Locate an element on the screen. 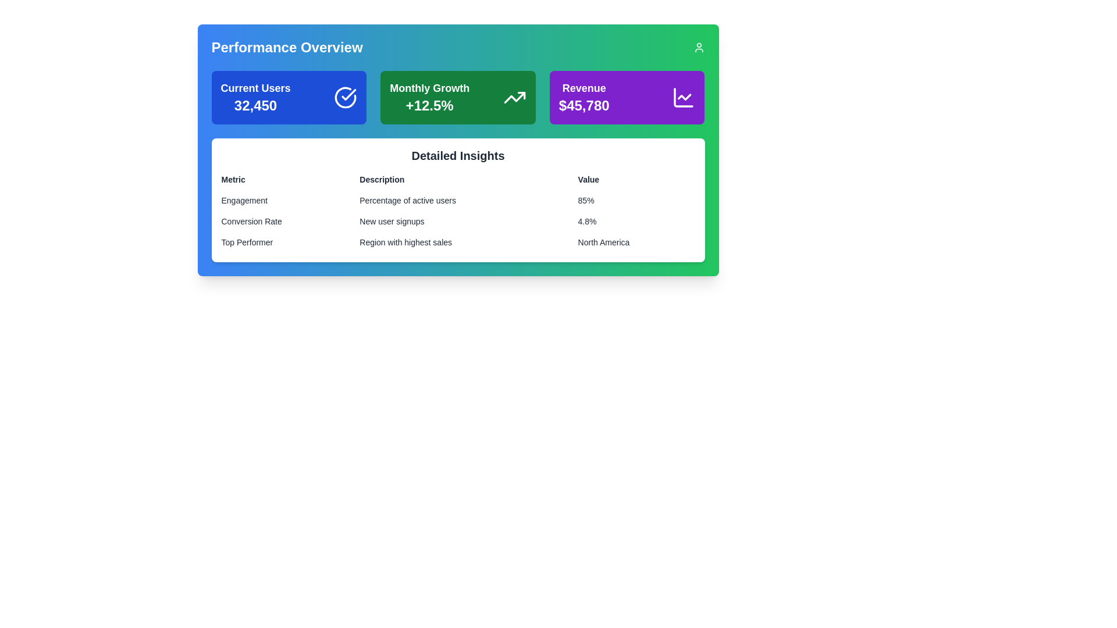  the bold dollar amount '$45,780' displayed on the purple background within the 'Revenue' card located at the top right of the interface is located at coordinates (584, 105).